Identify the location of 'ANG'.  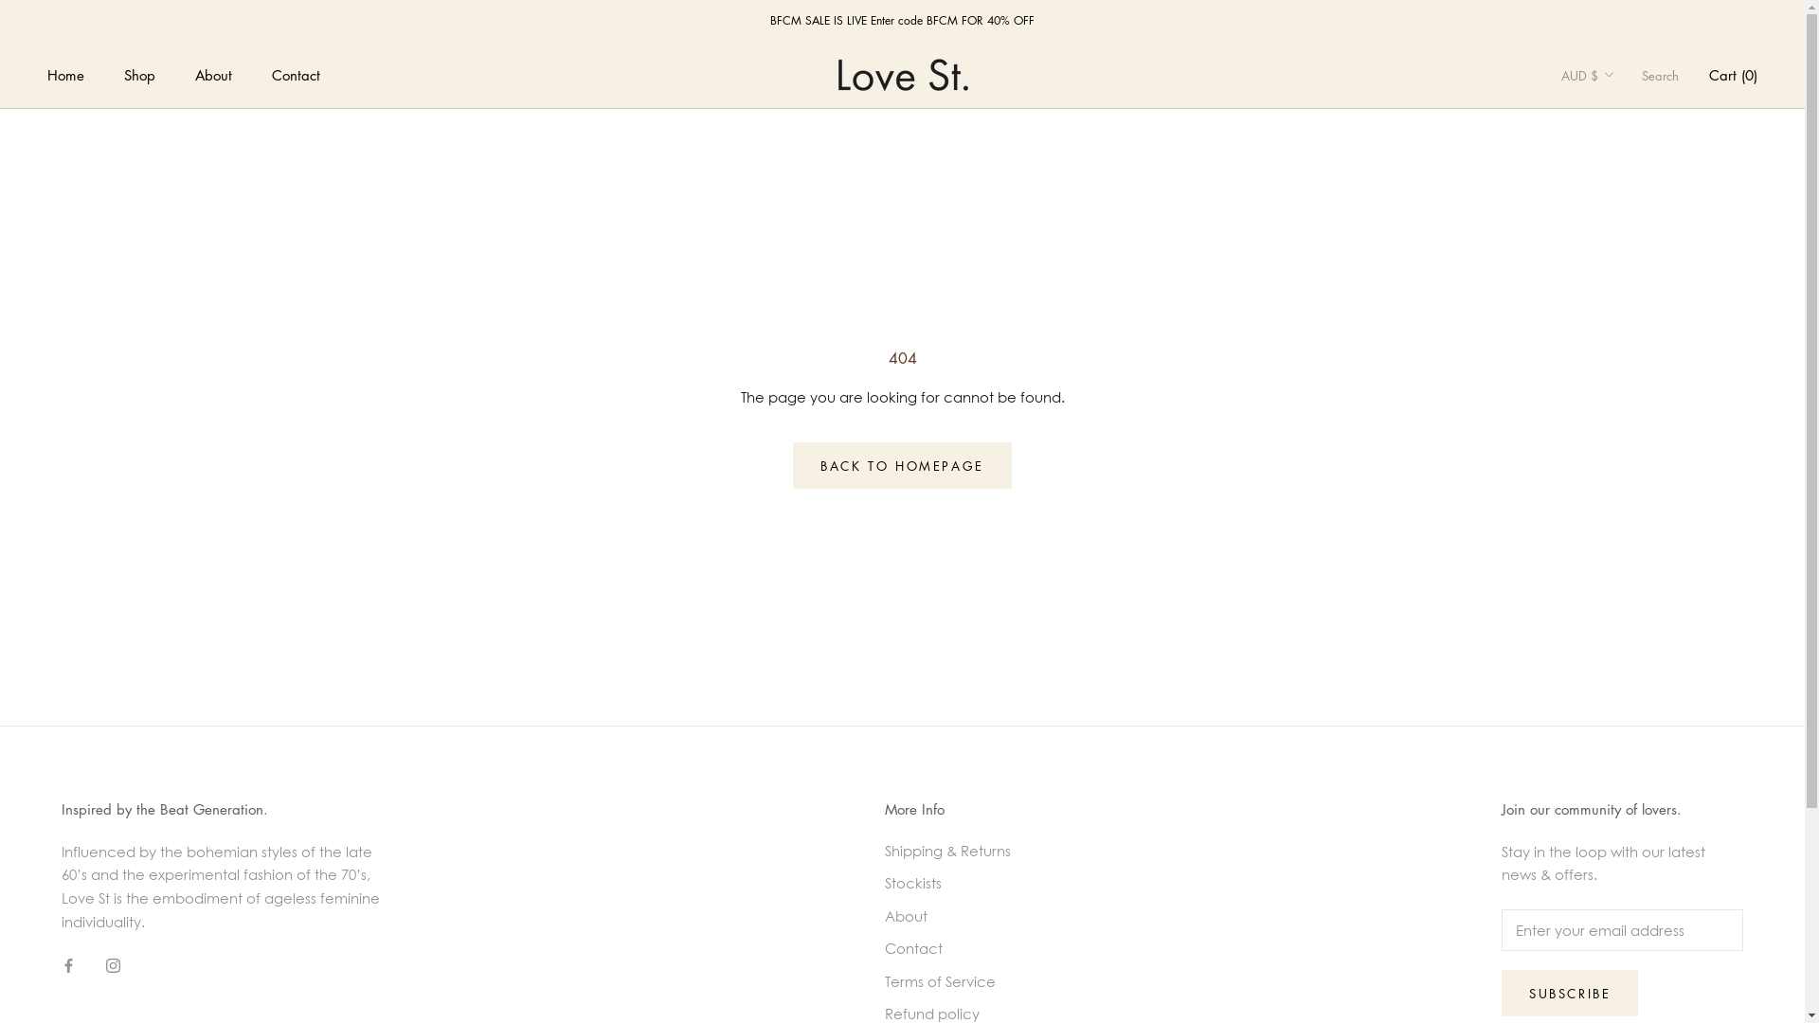
(1617, 237).